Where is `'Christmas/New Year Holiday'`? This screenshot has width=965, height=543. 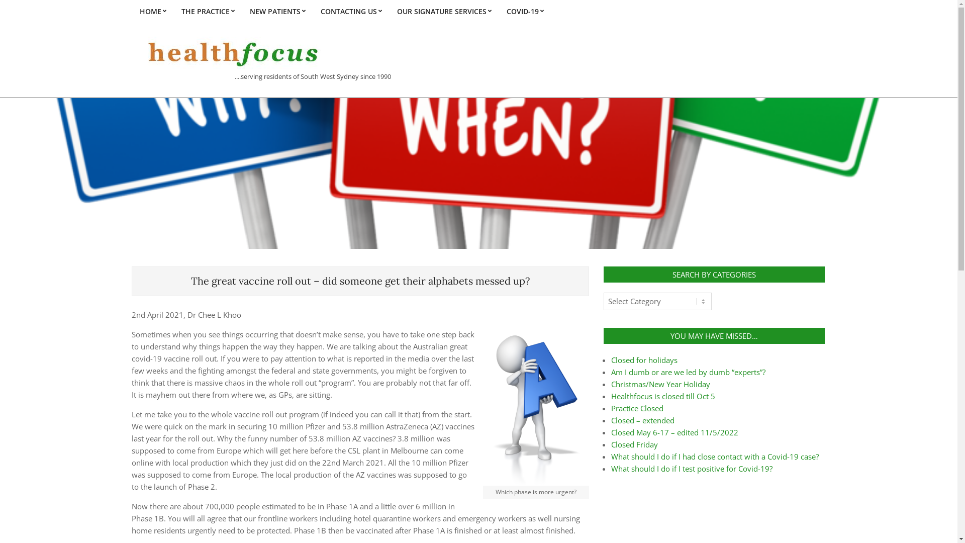 'Christmas/New Year Holiday' is located at coordinates (660, 384).